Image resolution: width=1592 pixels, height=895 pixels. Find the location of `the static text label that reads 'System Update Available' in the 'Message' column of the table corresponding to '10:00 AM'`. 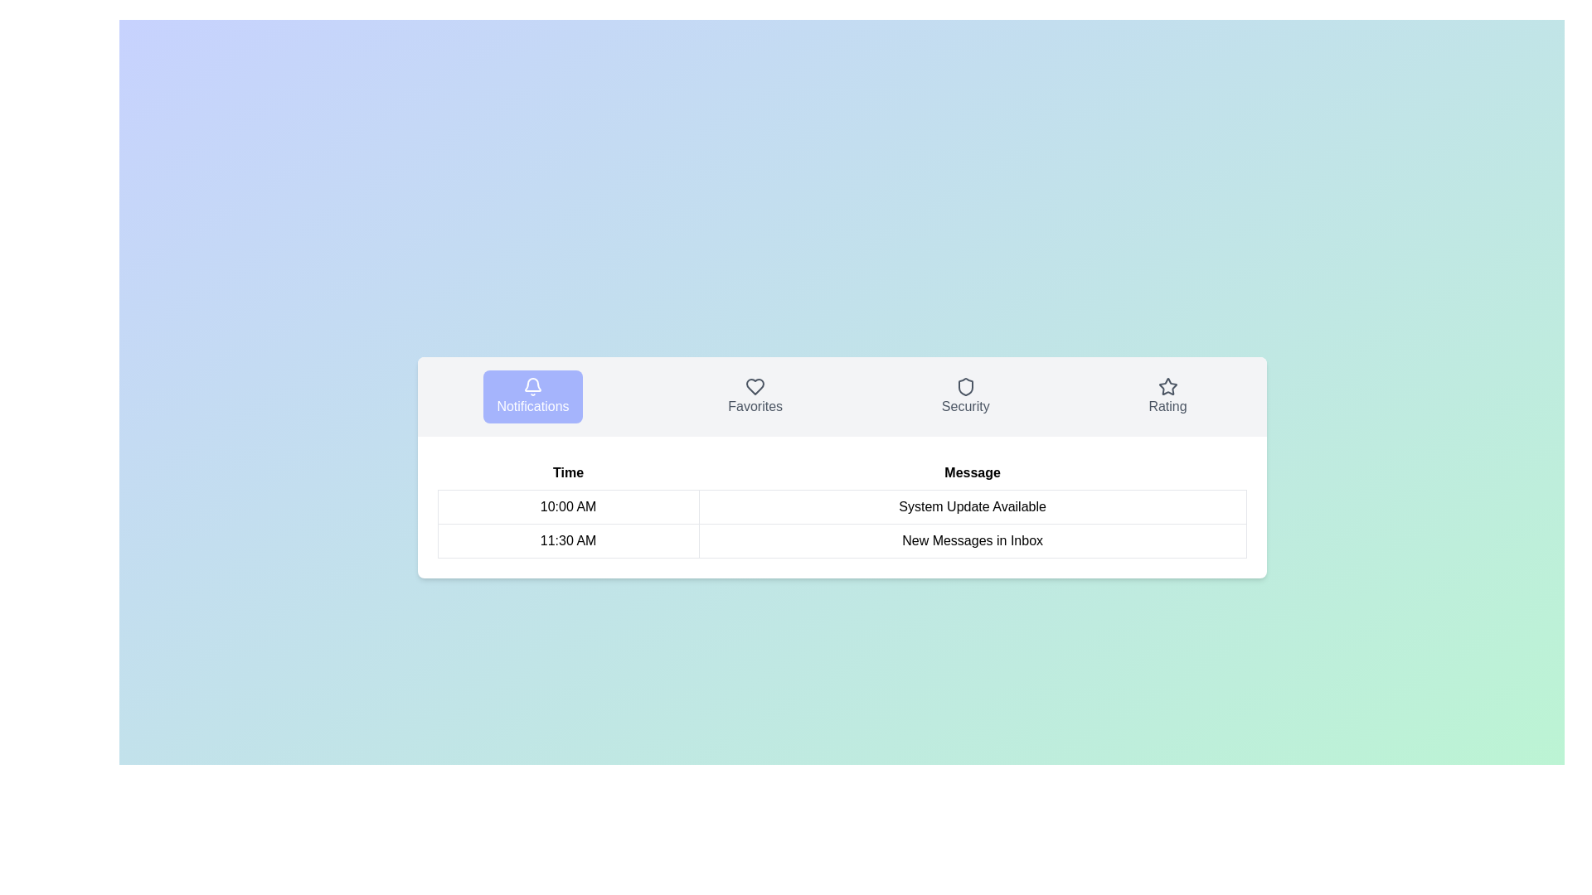

the static text label that reads 'System Update Available' in the 'Message' column of the table corresponding to '10:00 AM' is located at coordinates (973, 506).